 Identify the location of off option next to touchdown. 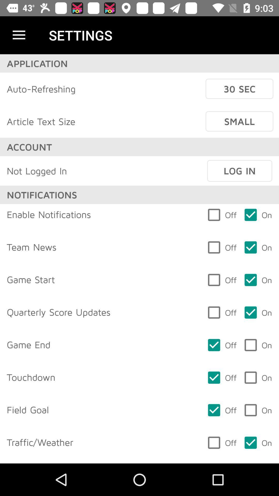
(221, 378).